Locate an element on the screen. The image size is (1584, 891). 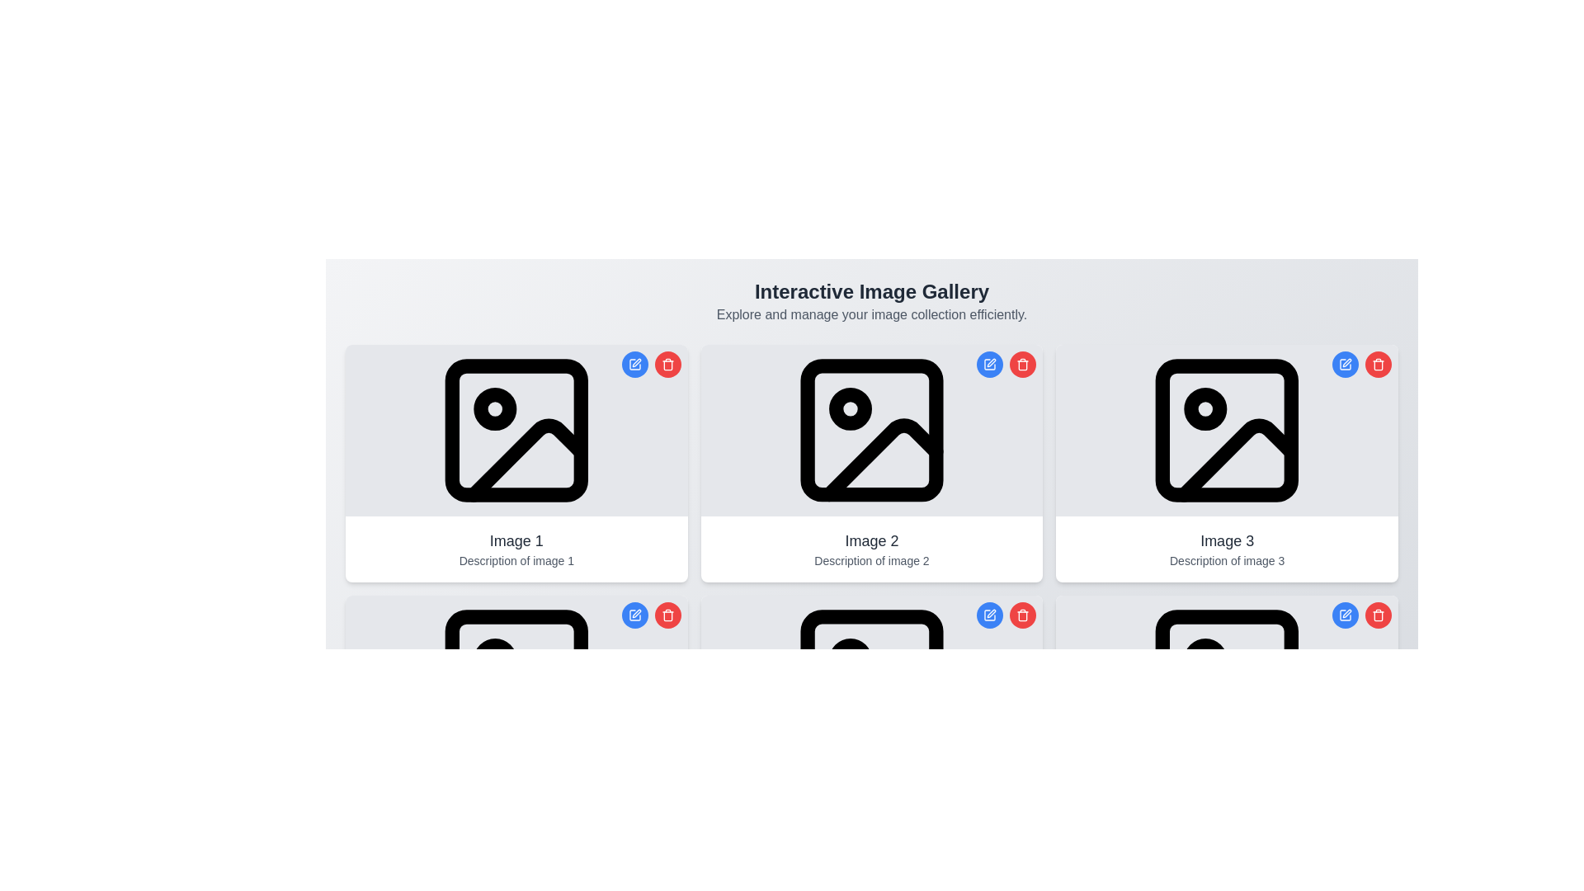
the blue button with the pen icon is located at coordinates (1362, 615).